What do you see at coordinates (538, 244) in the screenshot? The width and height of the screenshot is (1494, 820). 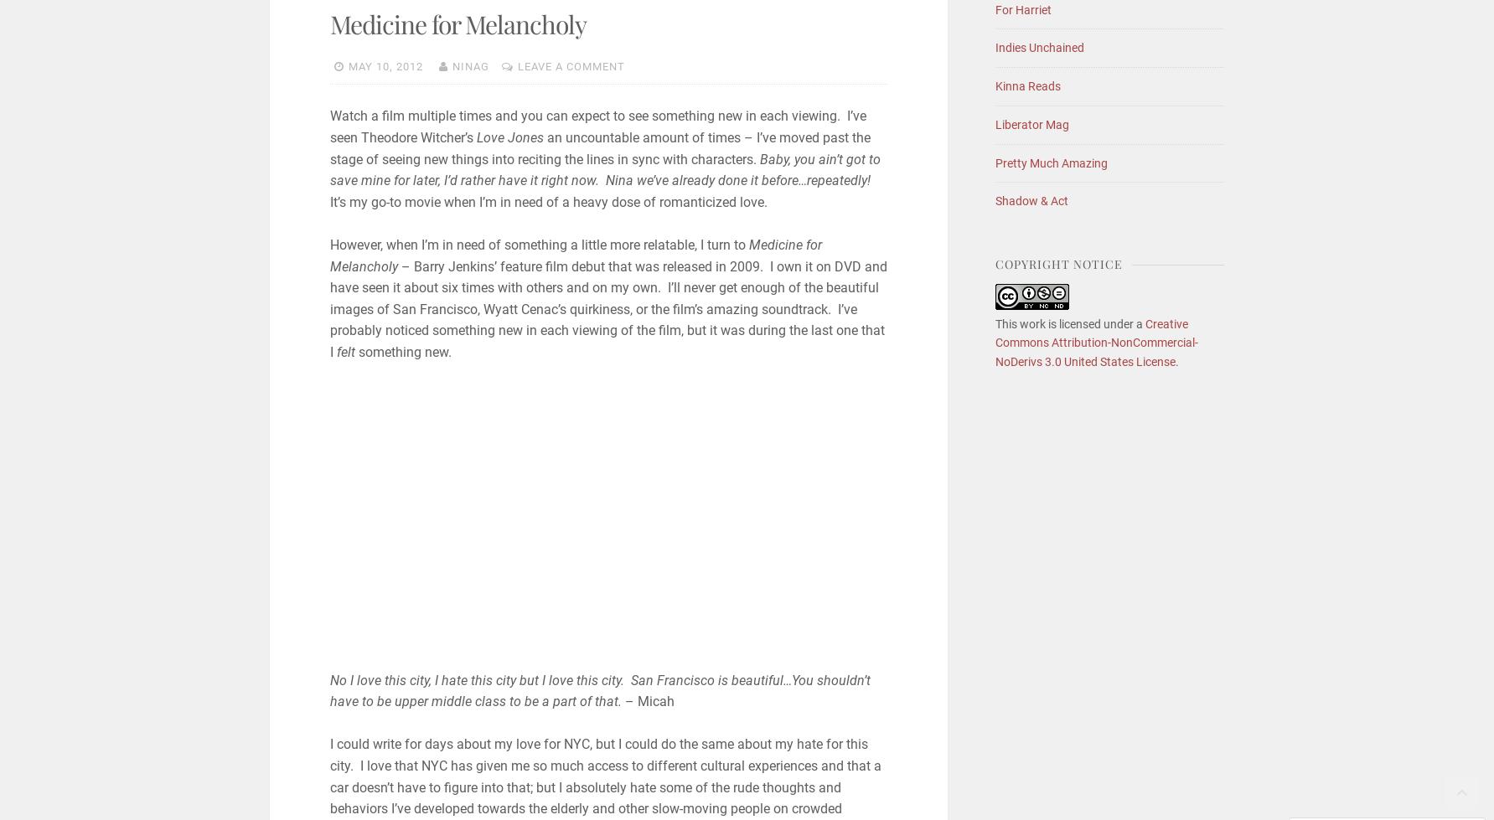 I see `'However, when I’m in need of something a little more relatable, I turn to'` at bounding box center [538, 244].